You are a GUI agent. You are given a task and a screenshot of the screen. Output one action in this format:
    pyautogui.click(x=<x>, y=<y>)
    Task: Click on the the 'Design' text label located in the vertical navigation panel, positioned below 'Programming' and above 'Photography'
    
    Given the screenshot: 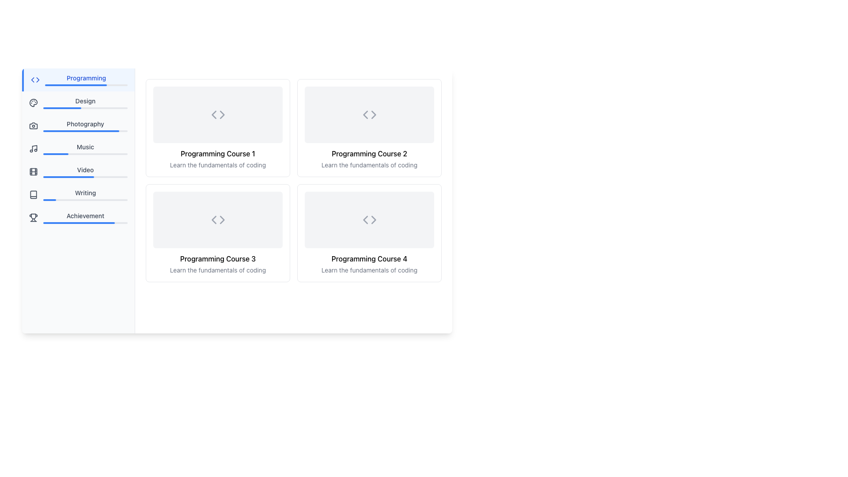 What is the action you would take?
    pyautogui.click(x=85, y=100)
    